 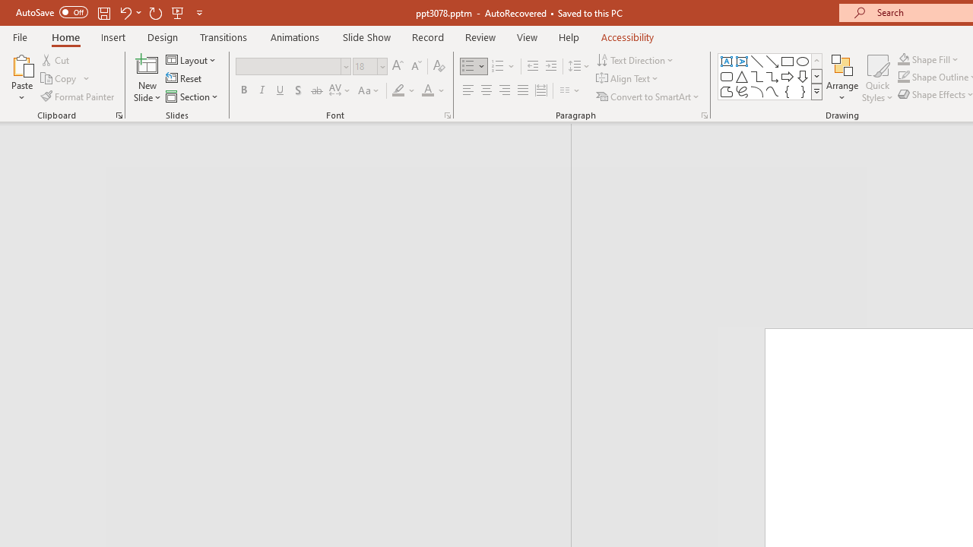 What do you see at coordinates (771, 76) in the screenshot?
I see `'AutomationID: ShapesInsertGallery'` at bounding box center [771, 76].